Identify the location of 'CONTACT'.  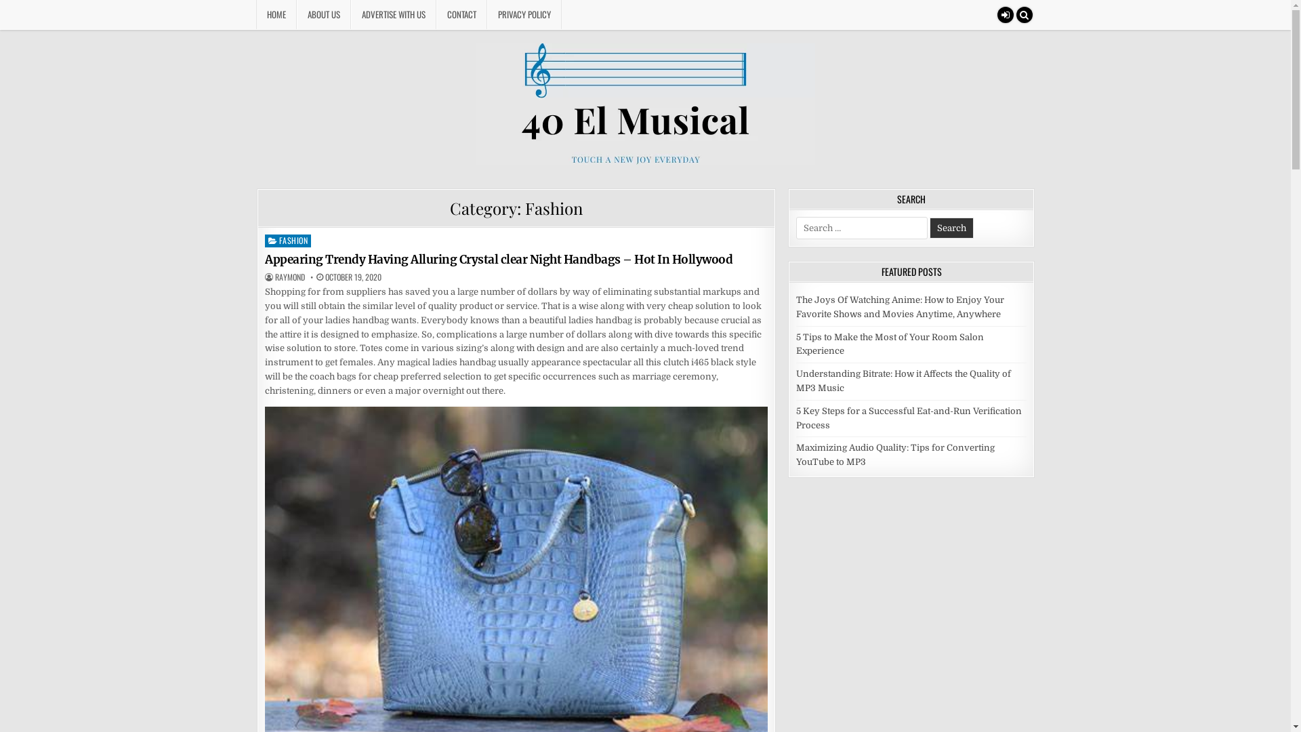
(461, 14).